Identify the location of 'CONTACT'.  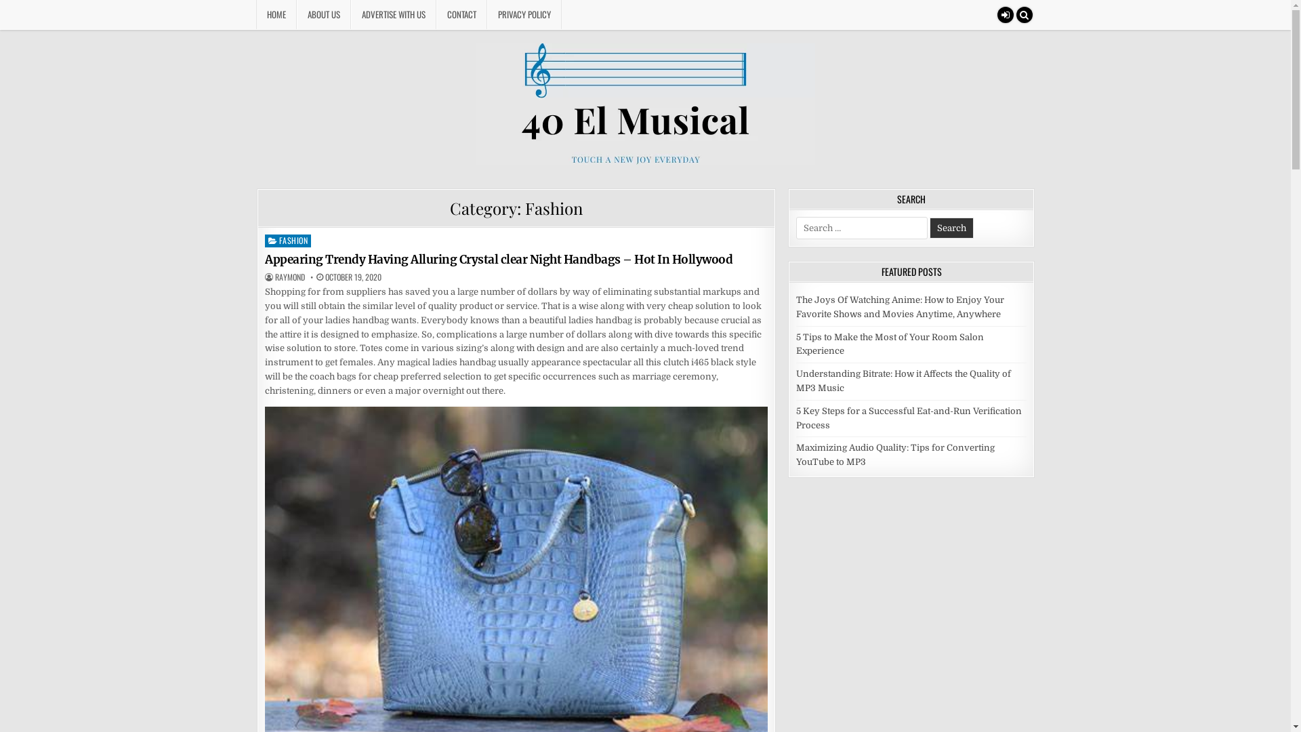
(461, 14).